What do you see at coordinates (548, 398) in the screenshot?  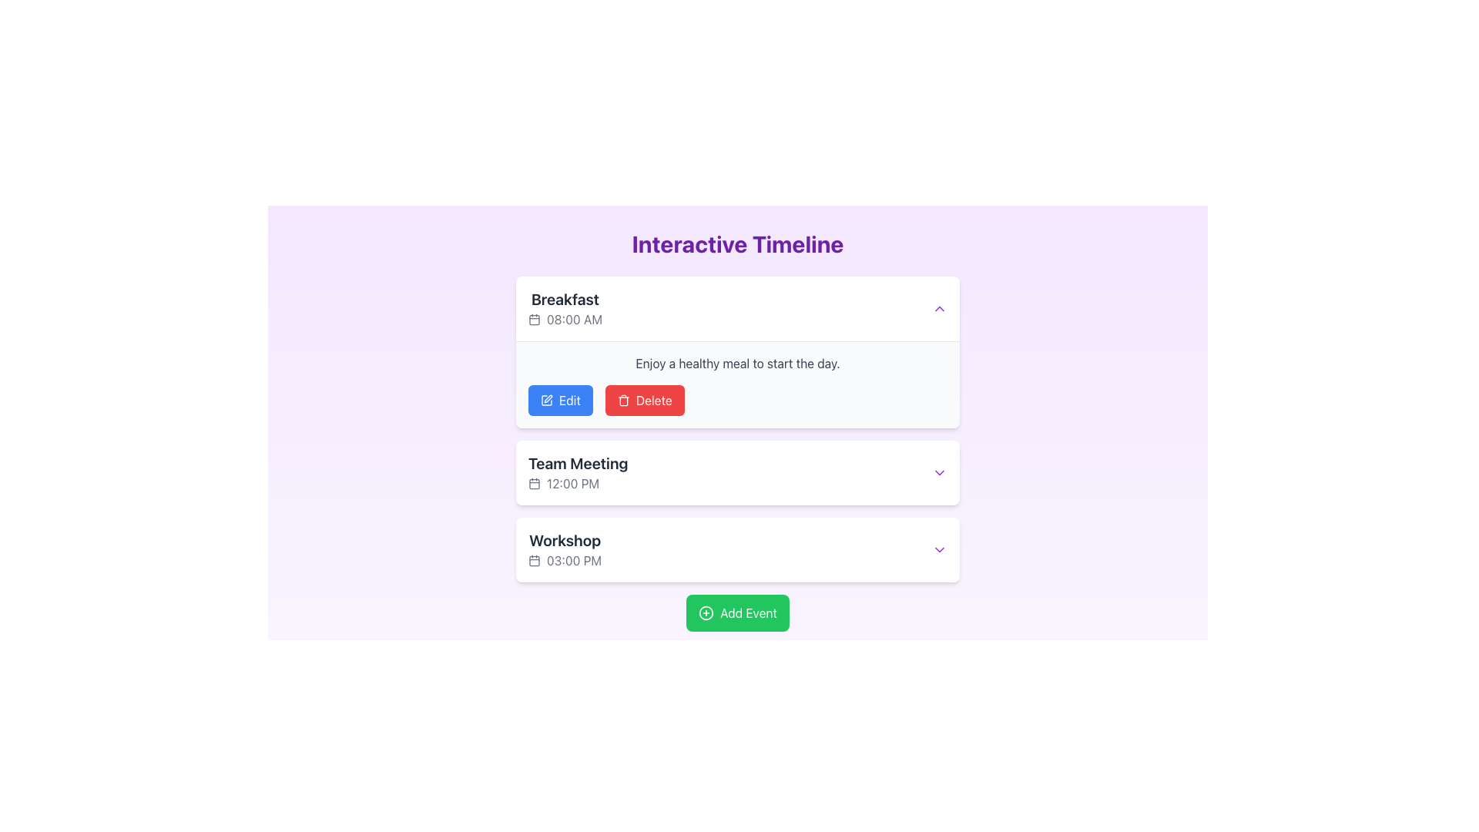 I see `the 'Edit' button associated with the icon located to the left of it in the first event card labeled 'Breakfast' to interact indirectly with the icon` at bounding box center [548, 398].